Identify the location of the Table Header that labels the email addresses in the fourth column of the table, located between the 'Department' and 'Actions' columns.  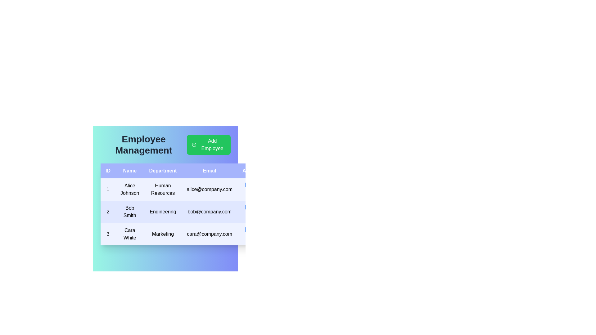
(210, 171).